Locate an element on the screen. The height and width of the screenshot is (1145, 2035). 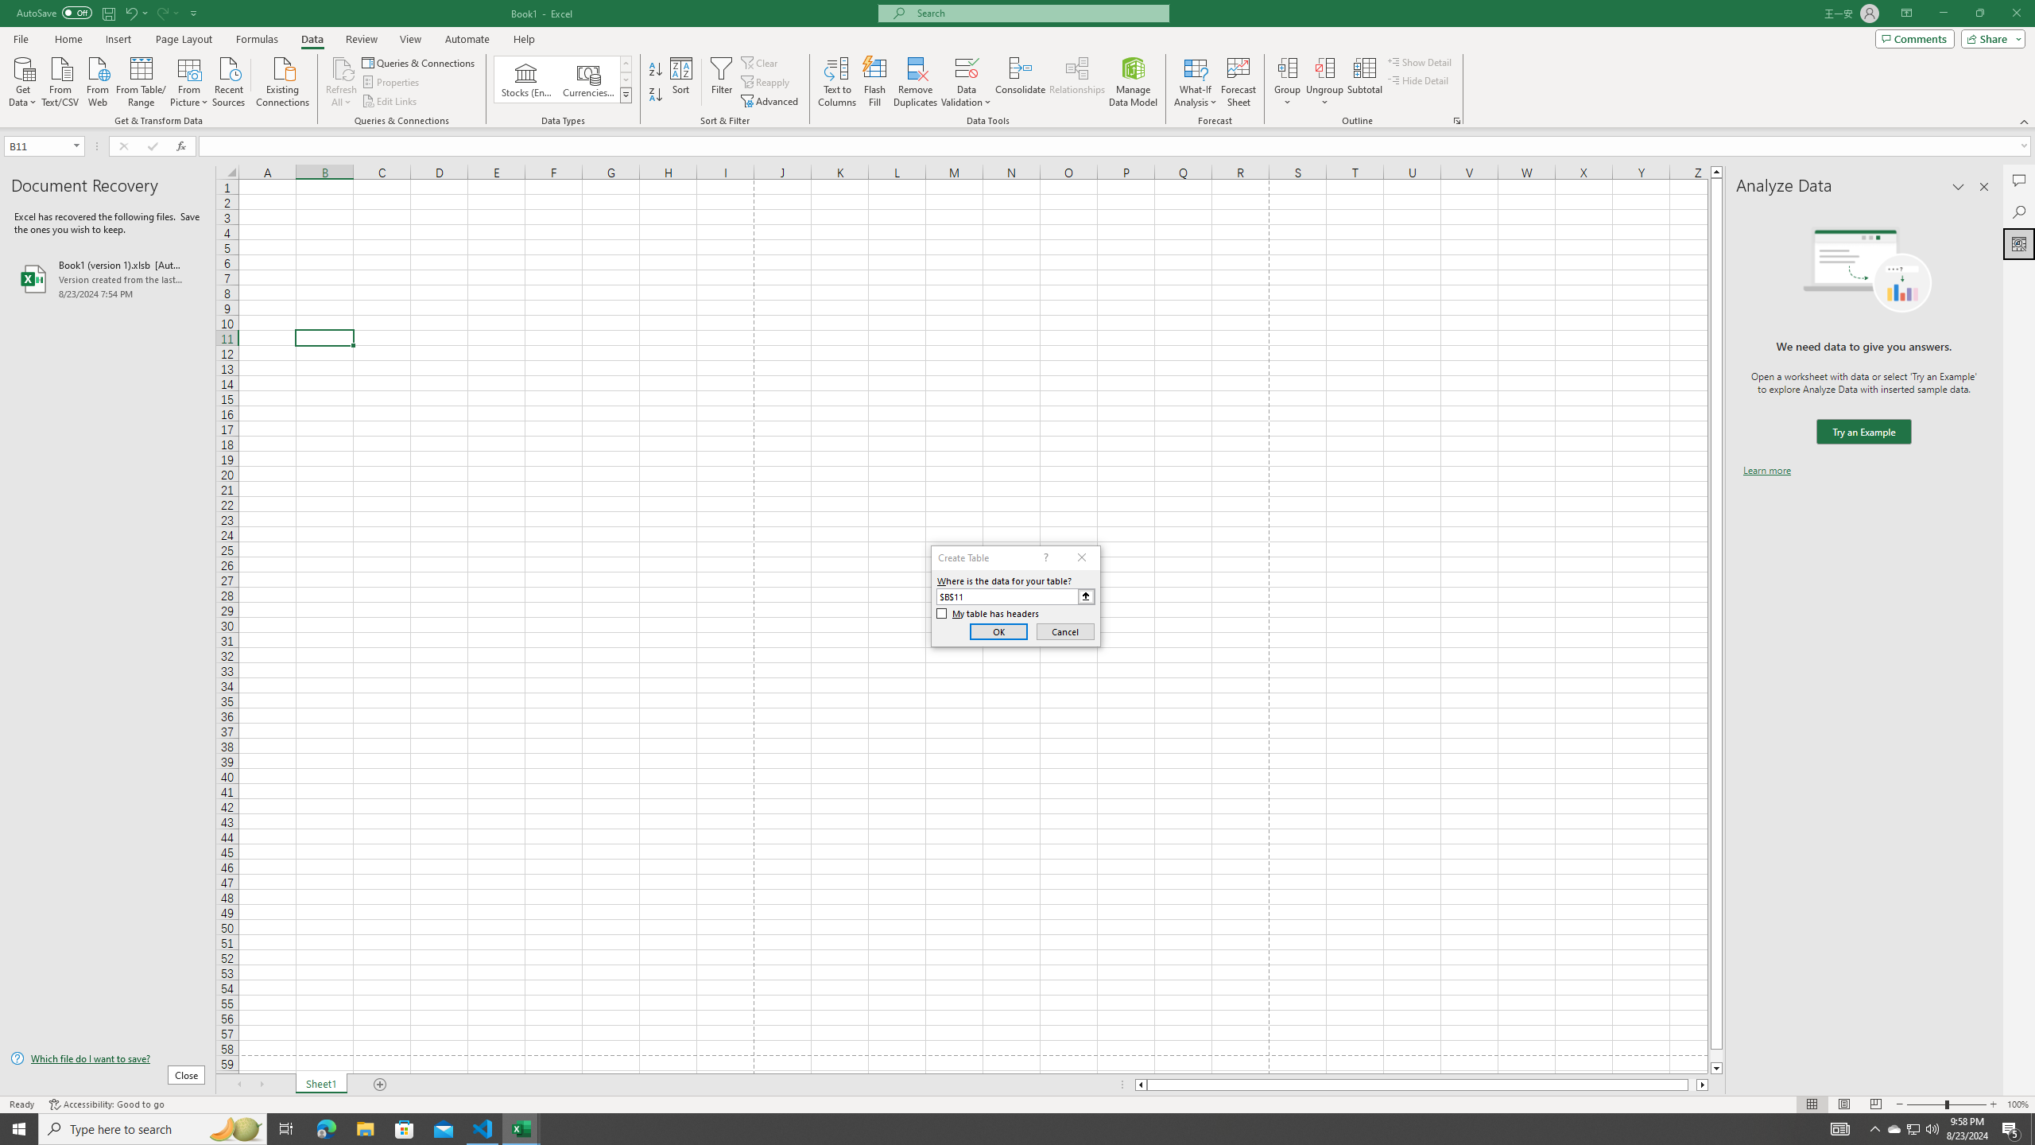
'Get Data' is located at coordinates (22, 80).